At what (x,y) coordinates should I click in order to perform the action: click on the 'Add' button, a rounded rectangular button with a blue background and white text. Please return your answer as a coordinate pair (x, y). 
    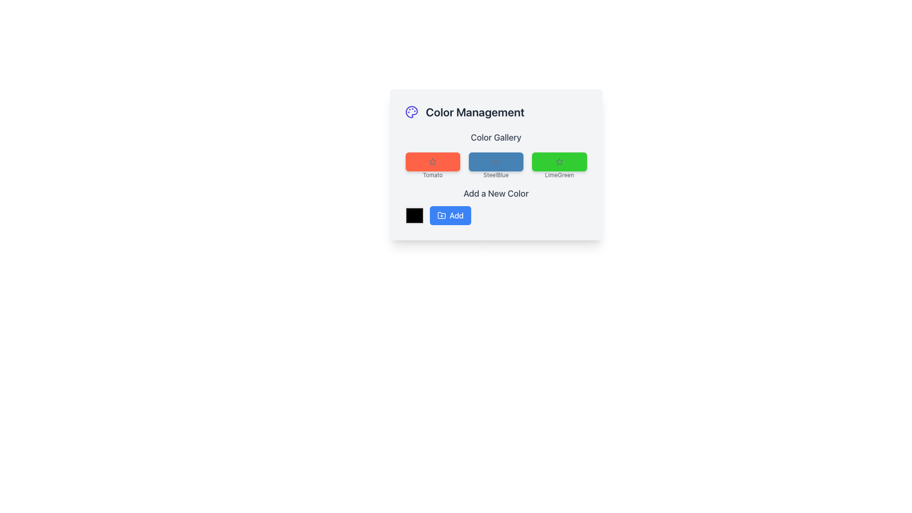
    Looking at the image, I should click on (450, 216).